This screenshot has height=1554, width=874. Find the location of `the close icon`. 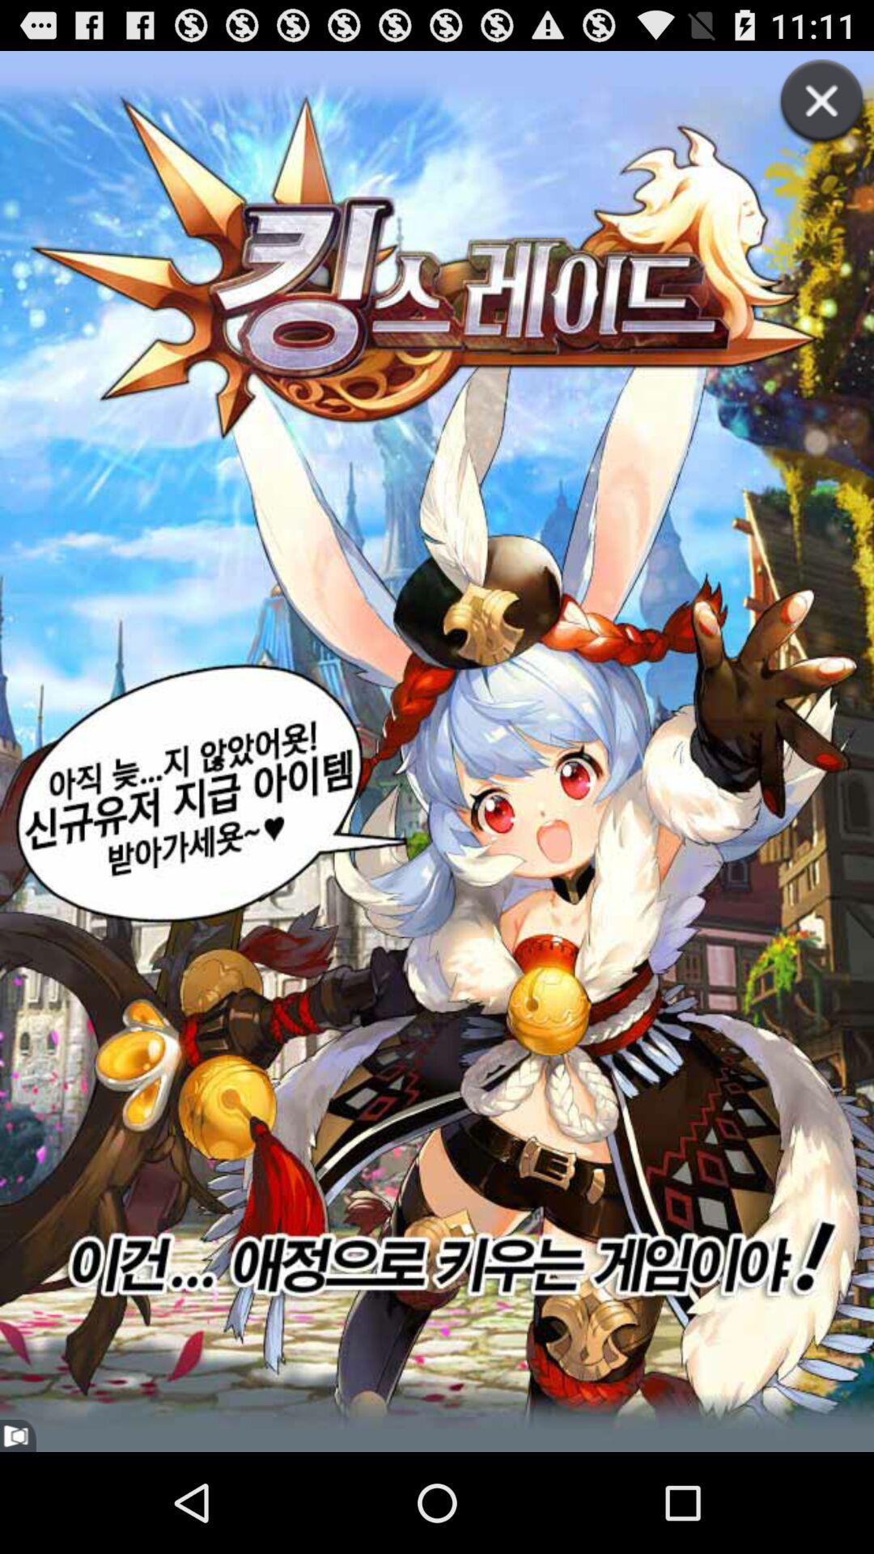

the close icon is located at coordinates (804, 128).